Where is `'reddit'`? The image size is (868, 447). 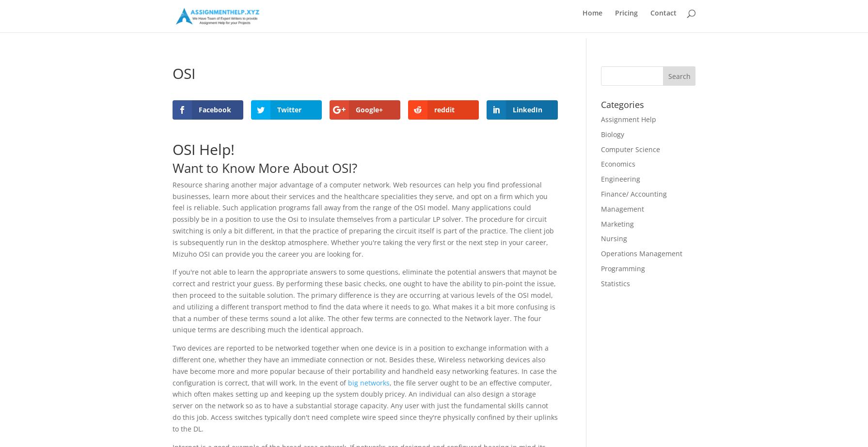
'reddit' is located at coordinates (443, 109).